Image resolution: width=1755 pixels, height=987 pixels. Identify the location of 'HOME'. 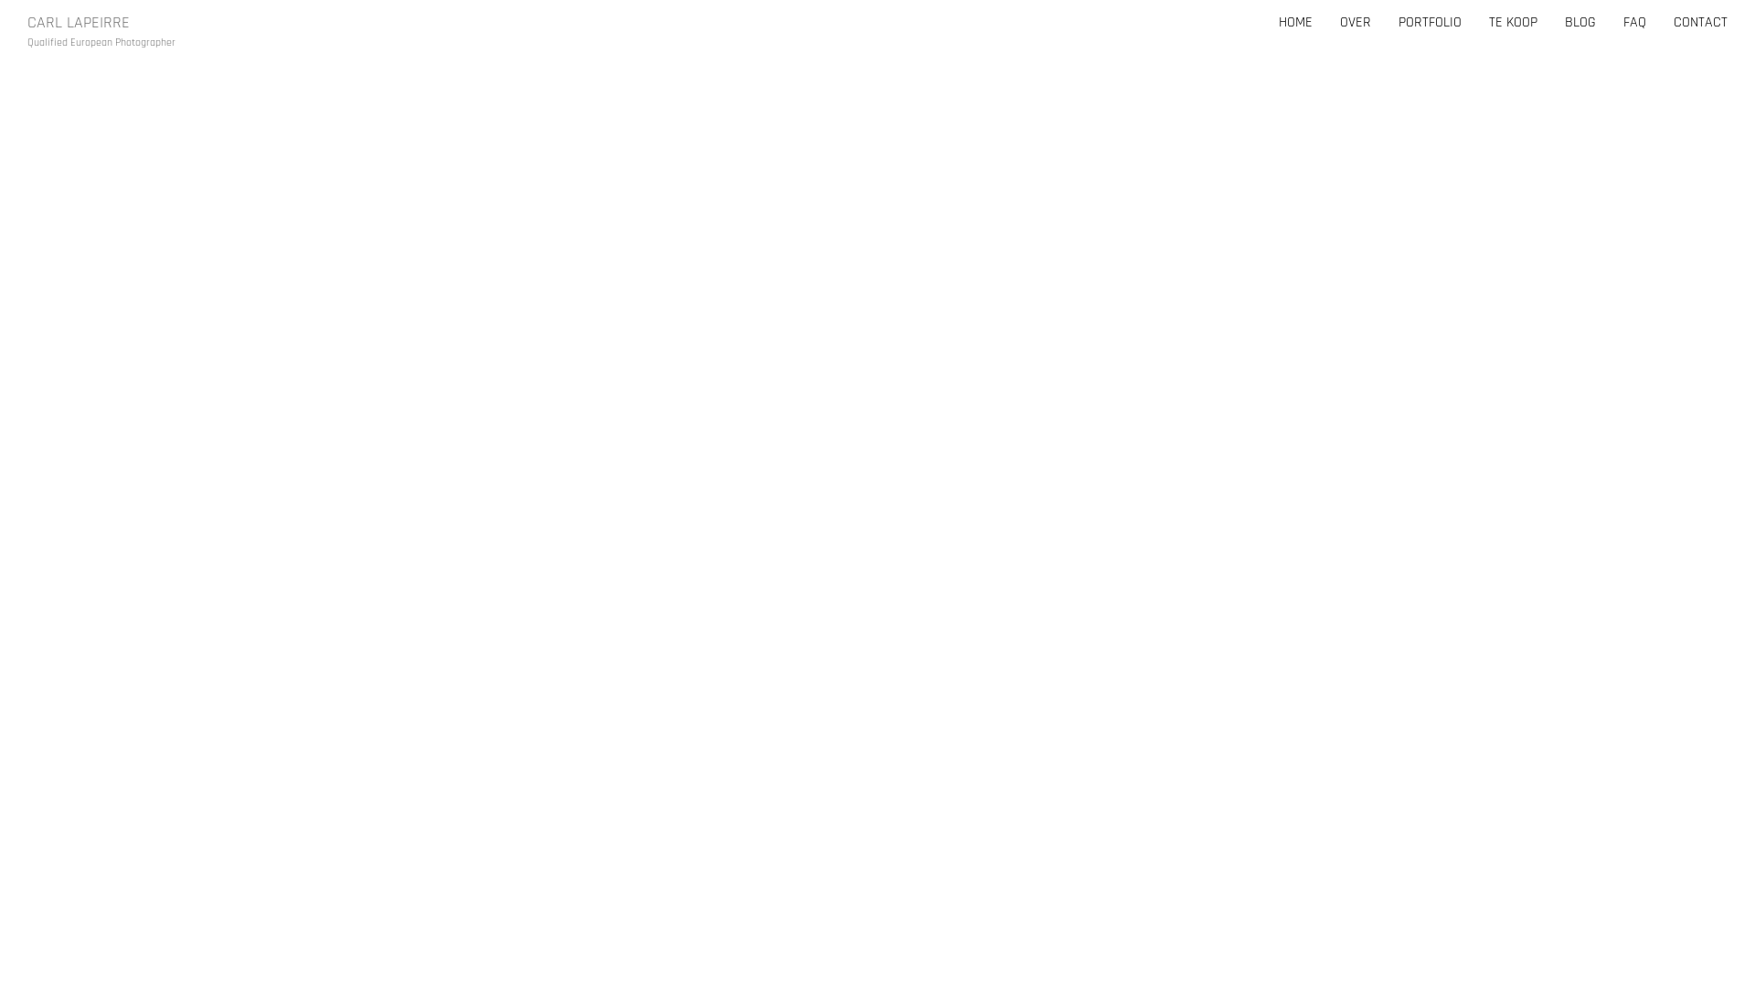
(1294, 22).